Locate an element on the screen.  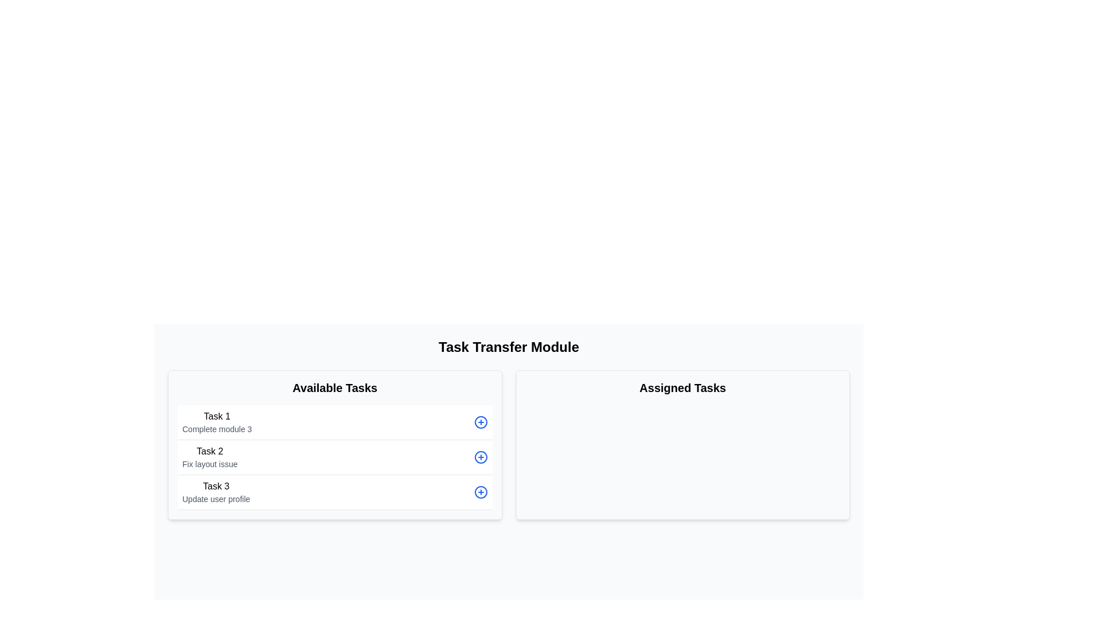
the task labeled 'Task 3' with the subtitle 'Update user profile' to view detailed task information is located at coordinates (334, 492).